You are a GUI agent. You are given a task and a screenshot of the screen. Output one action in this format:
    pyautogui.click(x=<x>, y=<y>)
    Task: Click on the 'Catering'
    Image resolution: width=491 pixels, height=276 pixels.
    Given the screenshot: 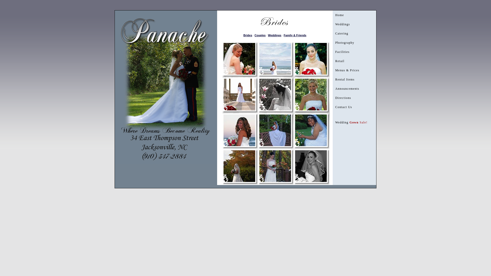 What is the action you would take?
    pyautogui.click(x=354, y=33)
    